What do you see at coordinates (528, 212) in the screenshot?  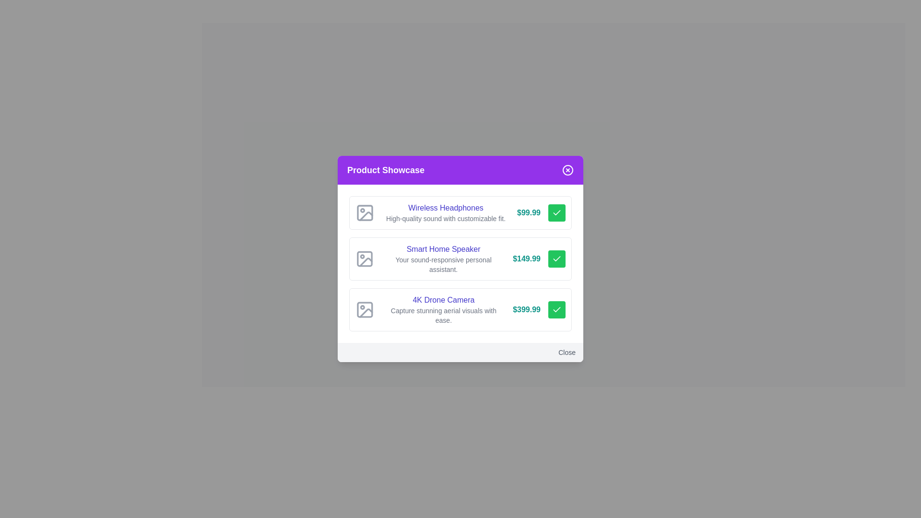 I see `the Text Label displaying '$99.99' in bold teal color, positioned to the right of 'Wireless Headphones' and above the green checkmark button` at bounding box center [528, 212].